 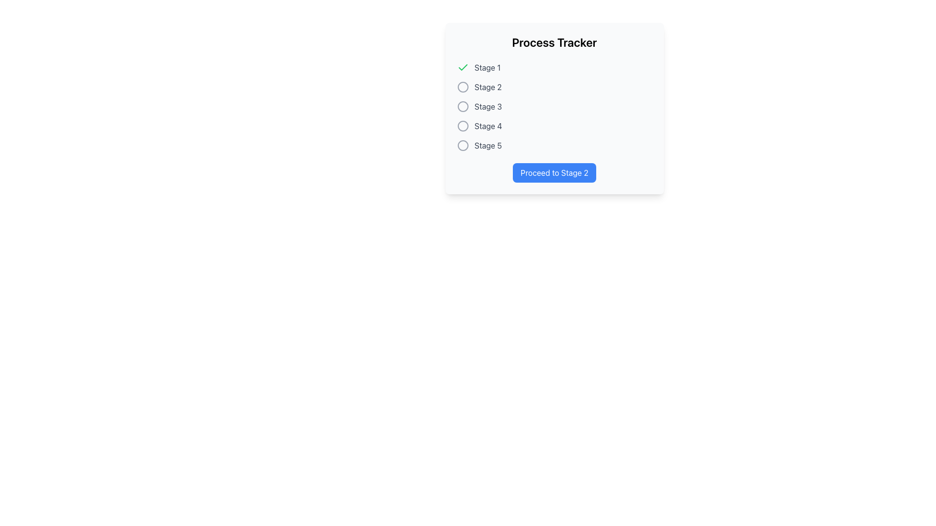 What do you see at coordinates (488, 146) in the screenshot?
I see `the text label displaying 'Stage 5', which indicates a step in a multi-stage process` at bounding box center [488, 146].